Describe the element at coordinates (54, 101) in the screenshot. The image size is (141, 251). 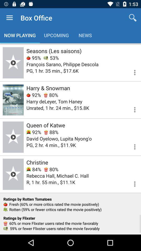
I see `harry deleyer tom icon` at that location.